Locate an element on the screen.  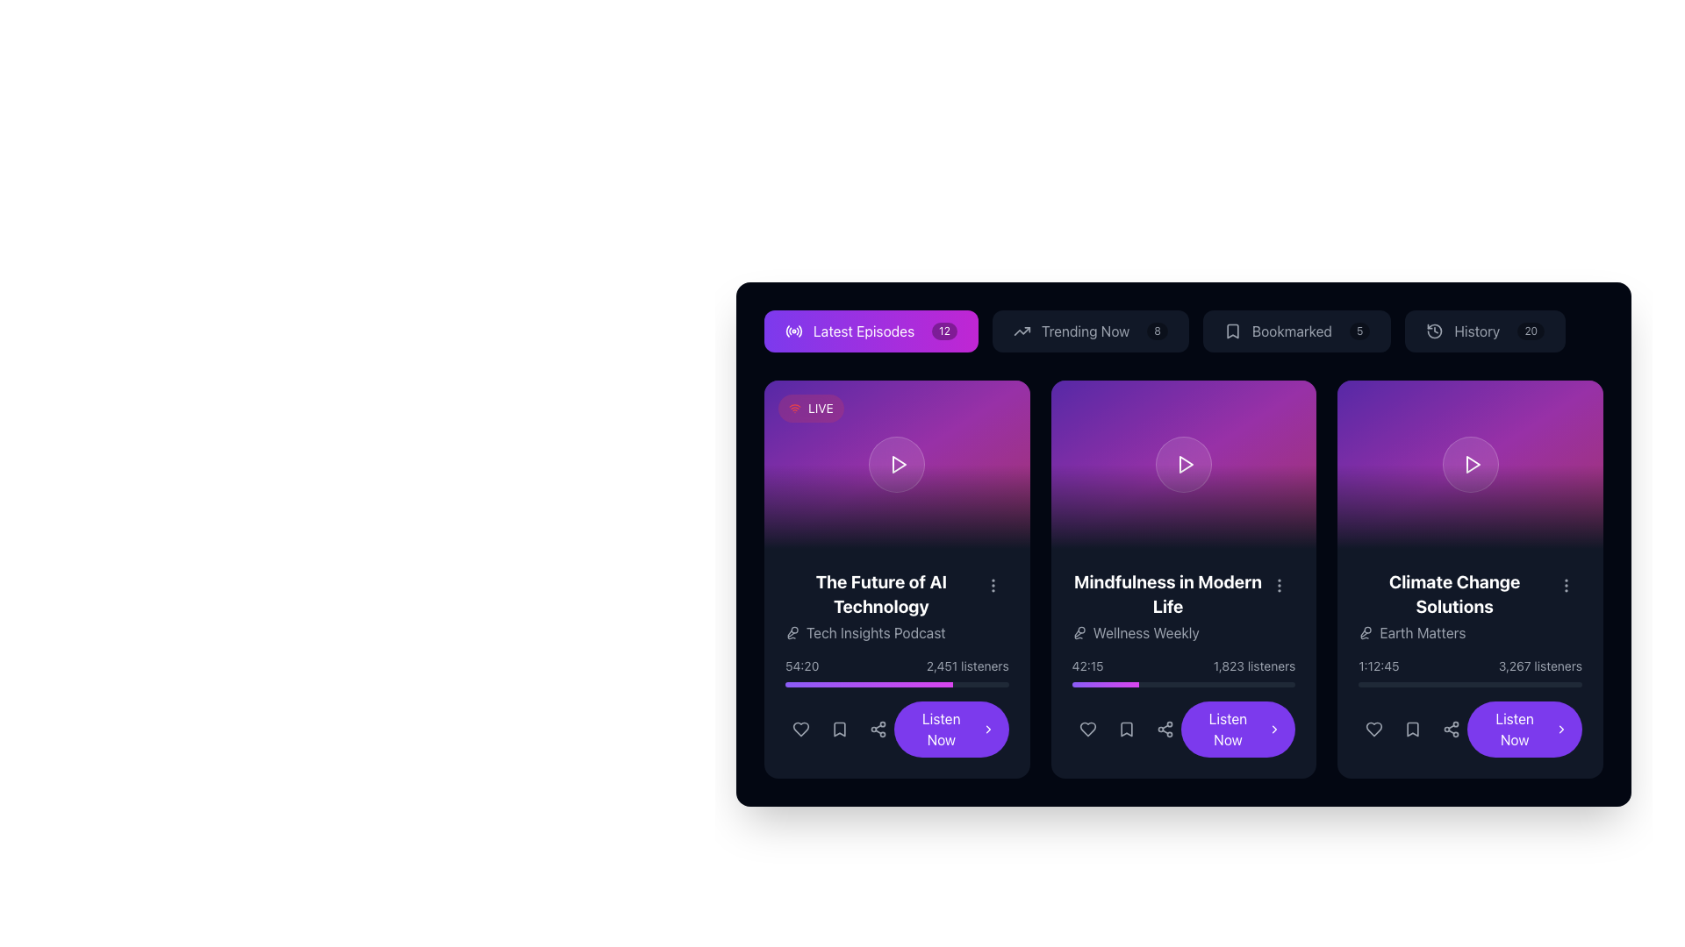
the call-to-action button at the bottom right of the card labeled 'The Future of AI Technology' is located at coordinates (950, 730).